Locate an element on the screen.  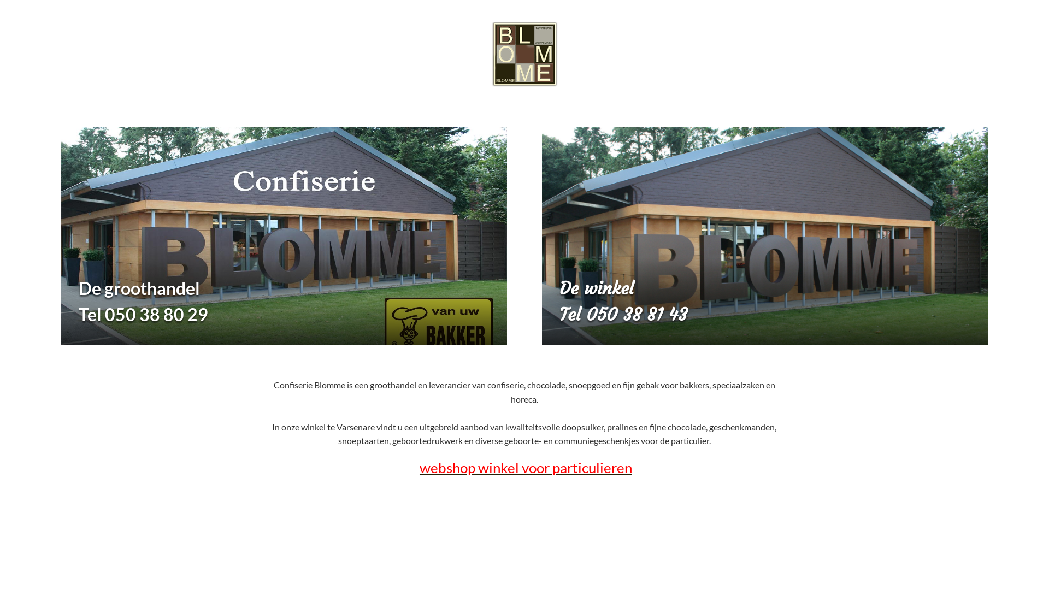
'webshop winkel voor particulieren' is located at coordinates (526, 467).